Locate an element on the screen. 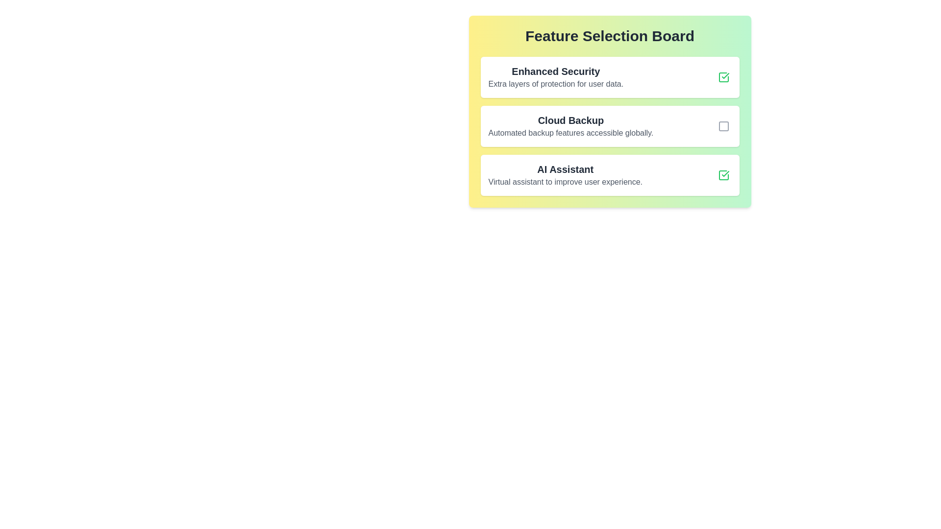  the active green checkbox icon on the right side of the 'AI Assistant' row in the 'Feature Selection Board' is located at coordinates (723, 175).